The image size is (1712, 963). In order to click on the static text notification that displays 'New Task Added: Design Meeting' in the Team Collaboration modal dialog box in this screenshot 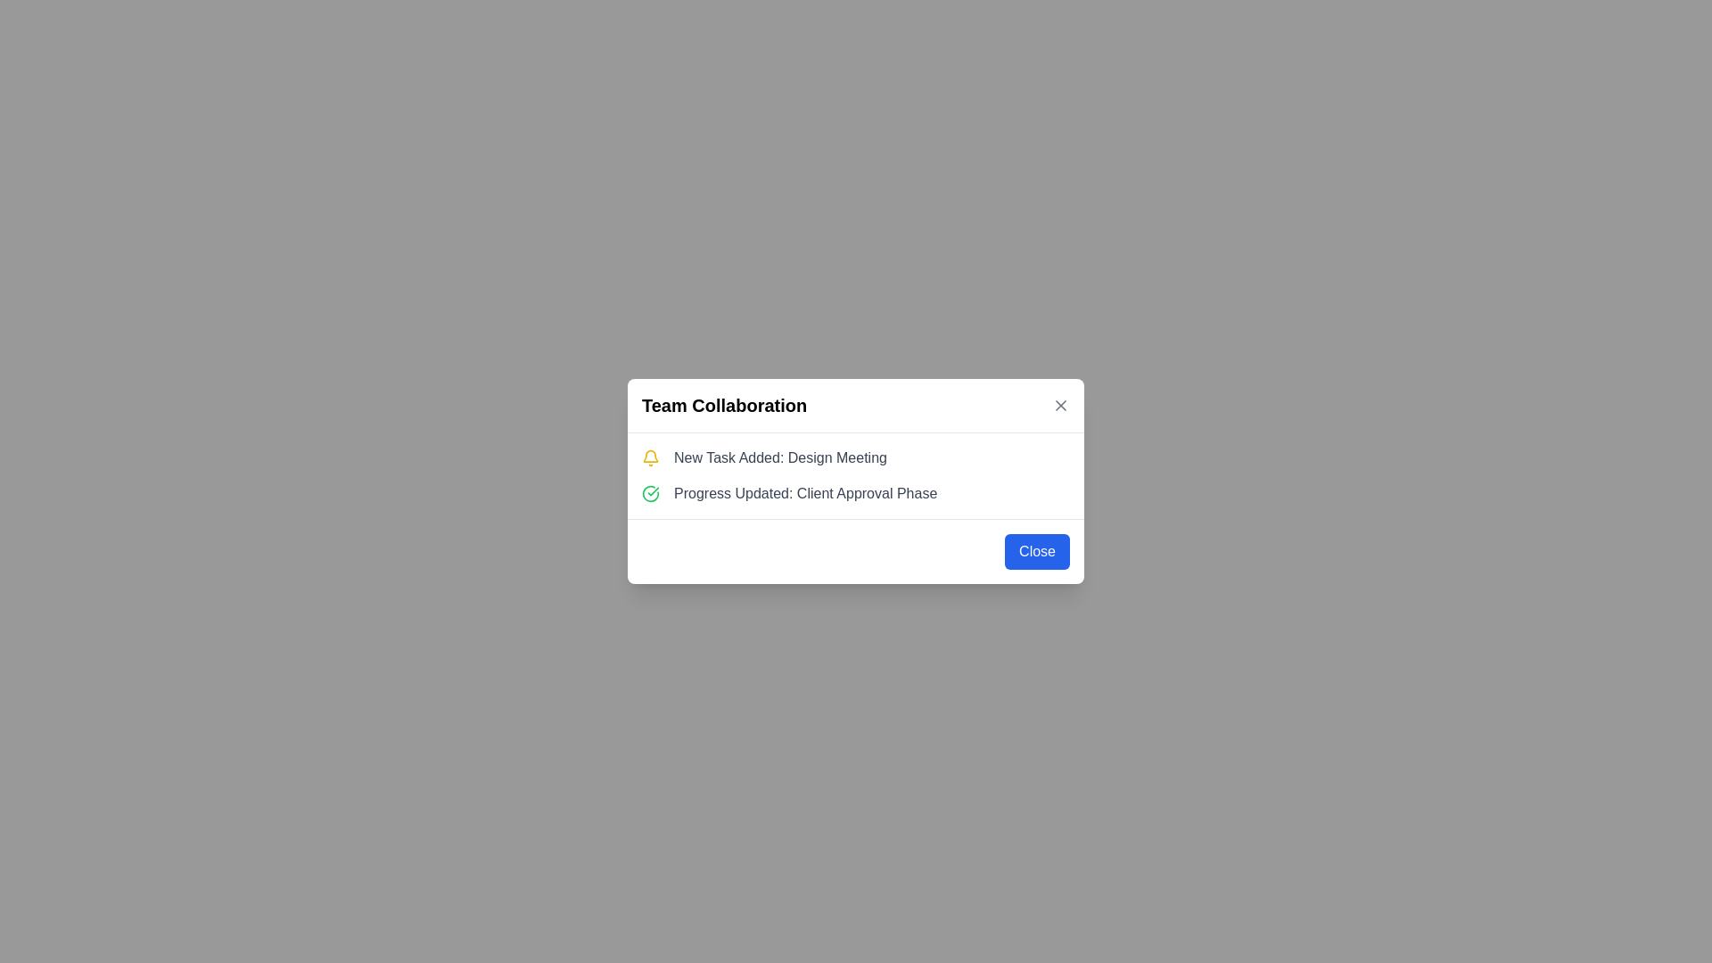, I will do `click(780, 457)`.